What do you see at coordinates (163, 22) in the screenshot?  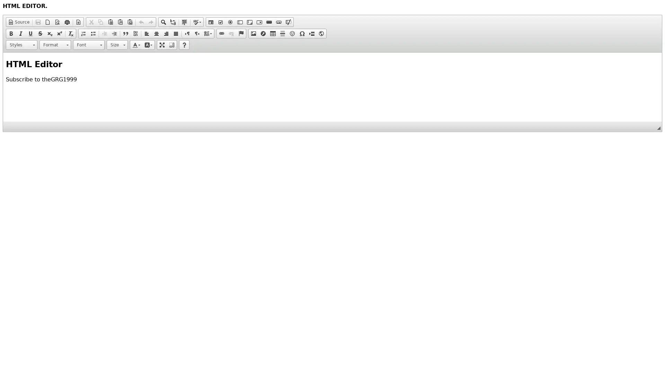 I see `Find` at bounding box center [163, 22].